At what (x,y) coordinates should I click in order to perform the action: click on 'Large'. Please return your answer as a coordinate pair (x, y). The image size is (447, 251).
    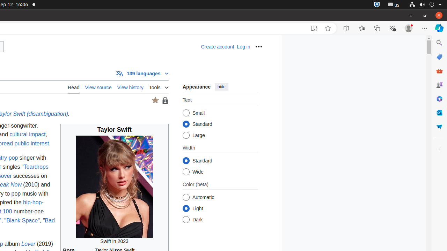
    Looking at the image, I should click on (186, 135).